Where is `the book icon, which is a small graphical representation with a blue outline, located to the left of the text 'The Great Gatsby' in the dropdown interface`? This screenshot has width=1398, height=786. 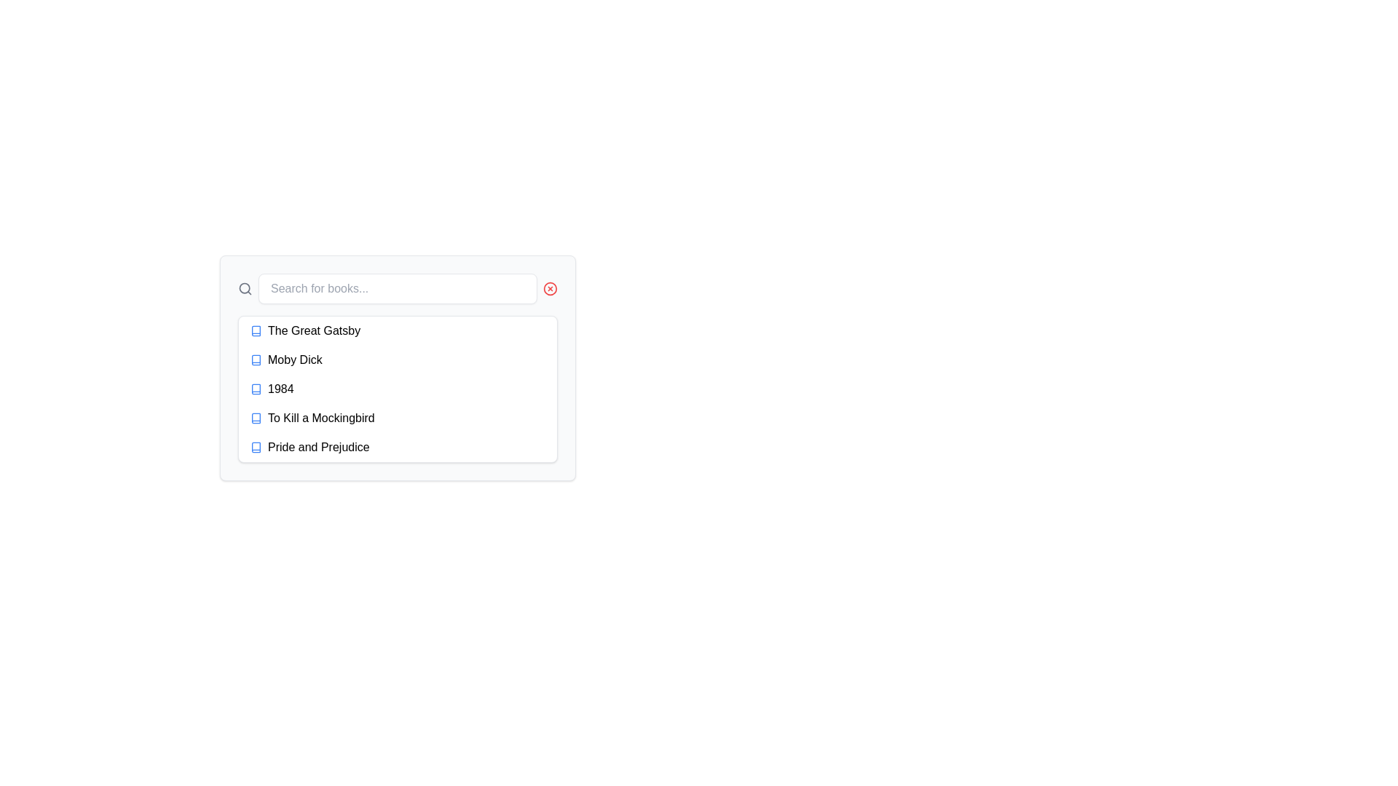
the book icon, which is a small graphical representation with a blue outline, located to the left of the text 'The Great Gatsby' in the dropdown interface is located at coordinates (256, 331).